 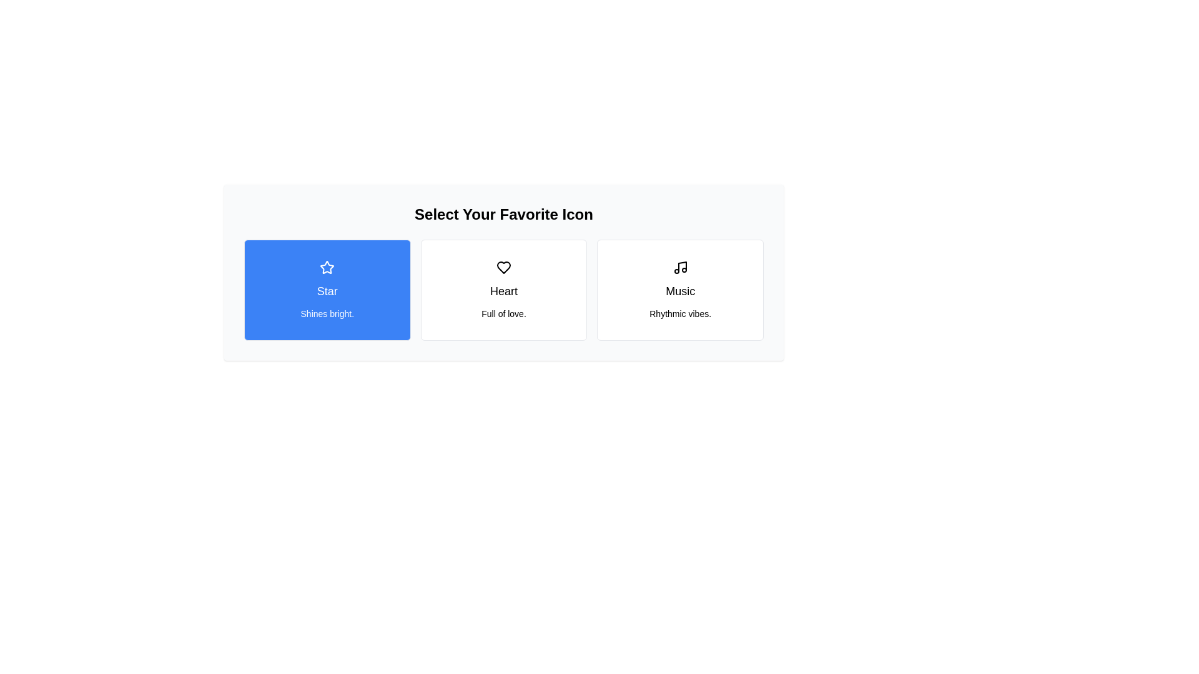 I want to click on the text label 'Heart', which is the second option in a horizontally arranged set of selectable icons under 'Select Your Favorite Icon', so click(x=503, y=291).